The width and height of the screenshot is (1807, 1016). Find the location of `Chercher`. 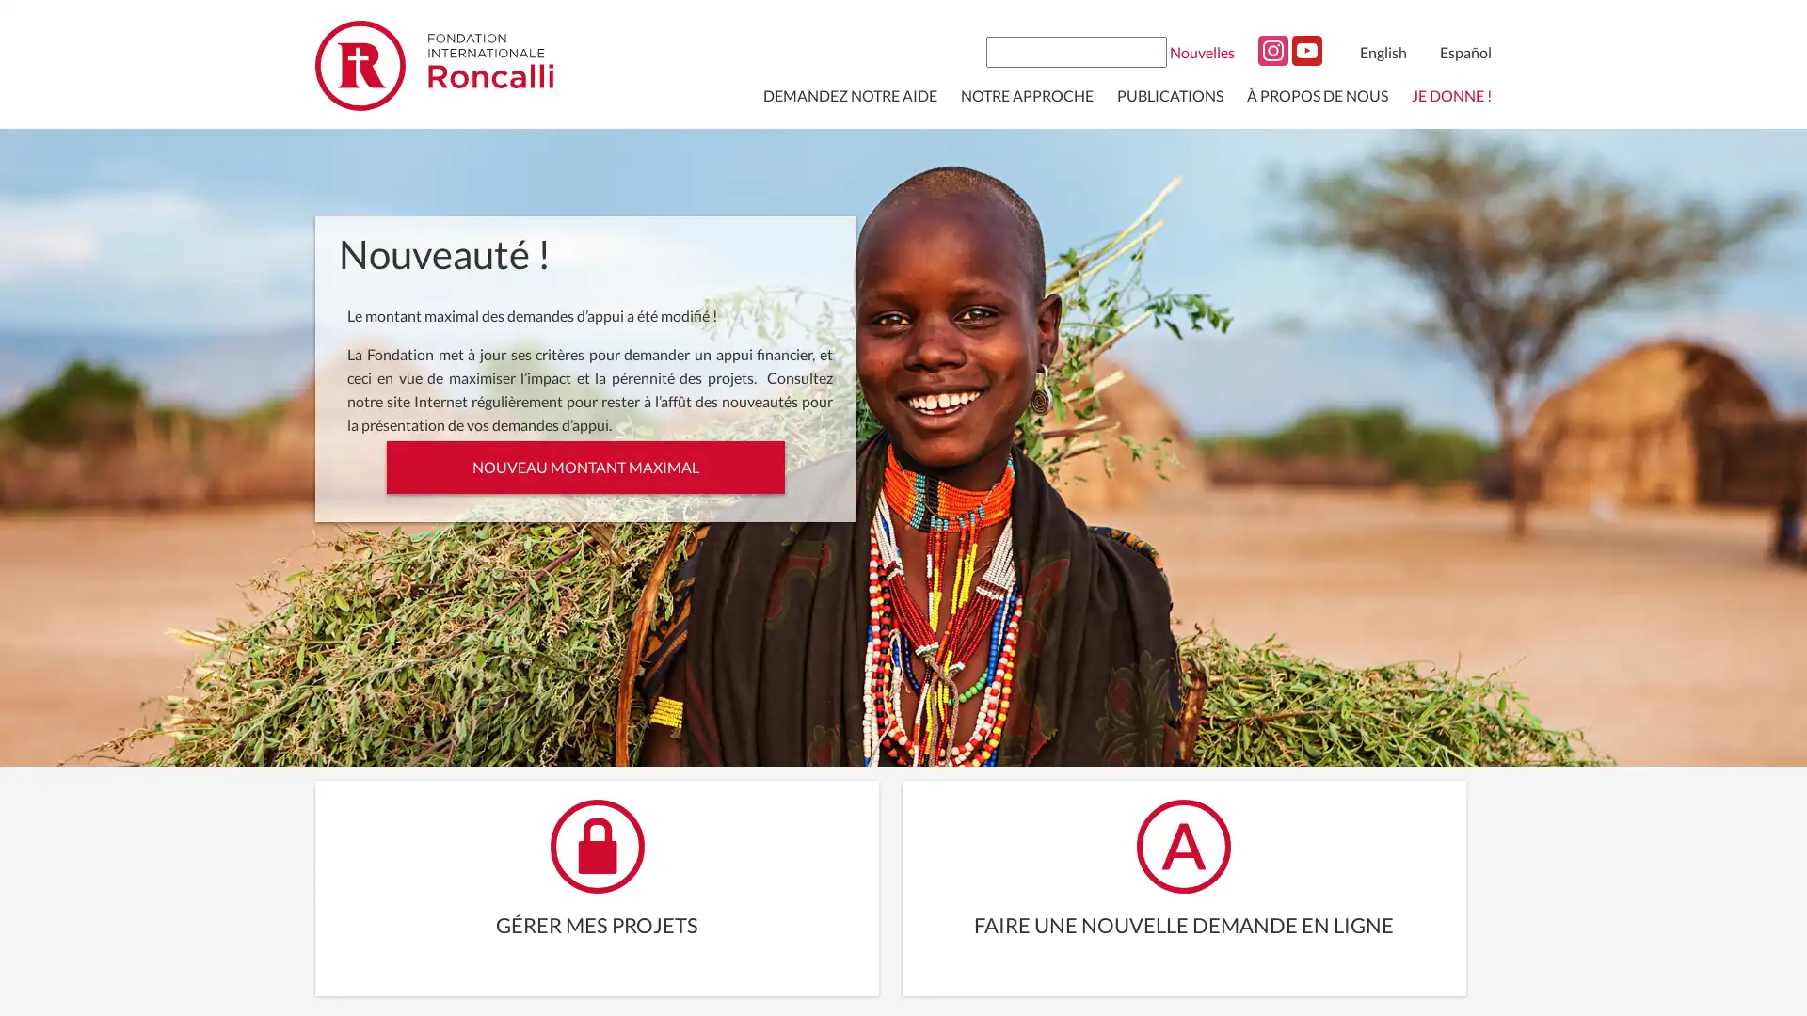

Chercher is located at coordinates (1149, 50).